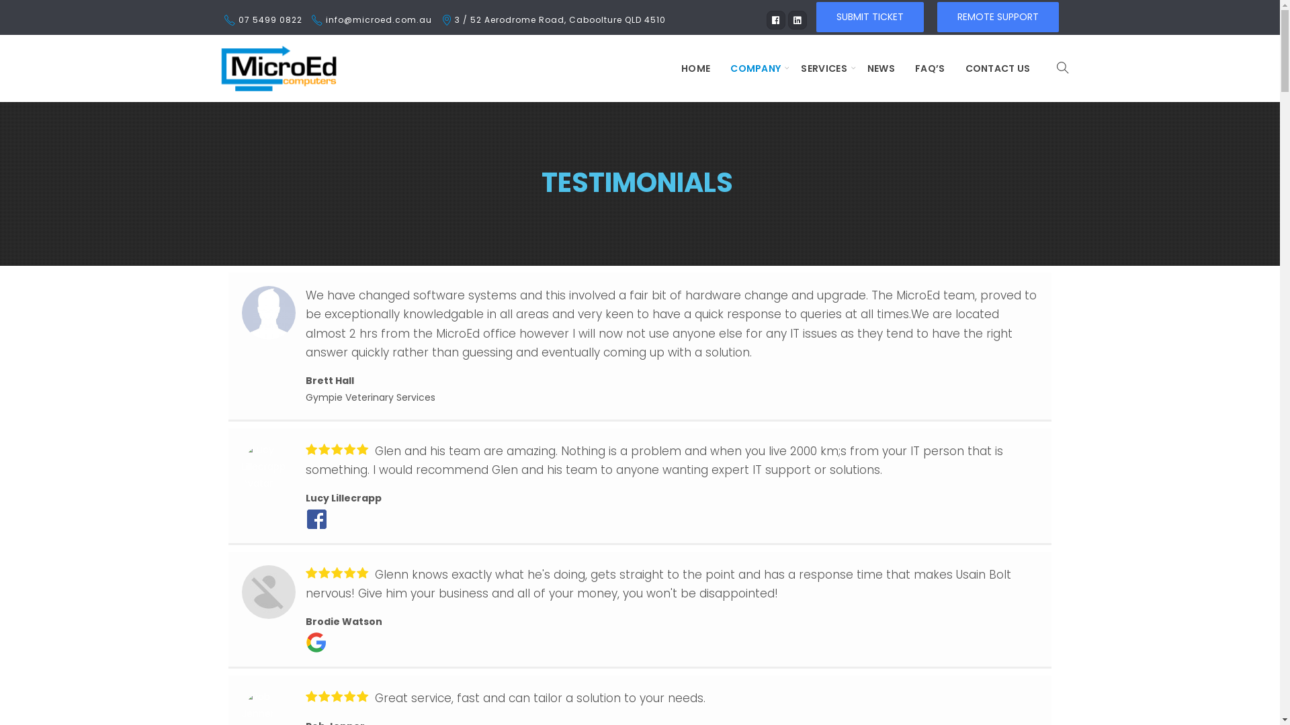  I want to click on 'COMPANY', so click(755, 68).